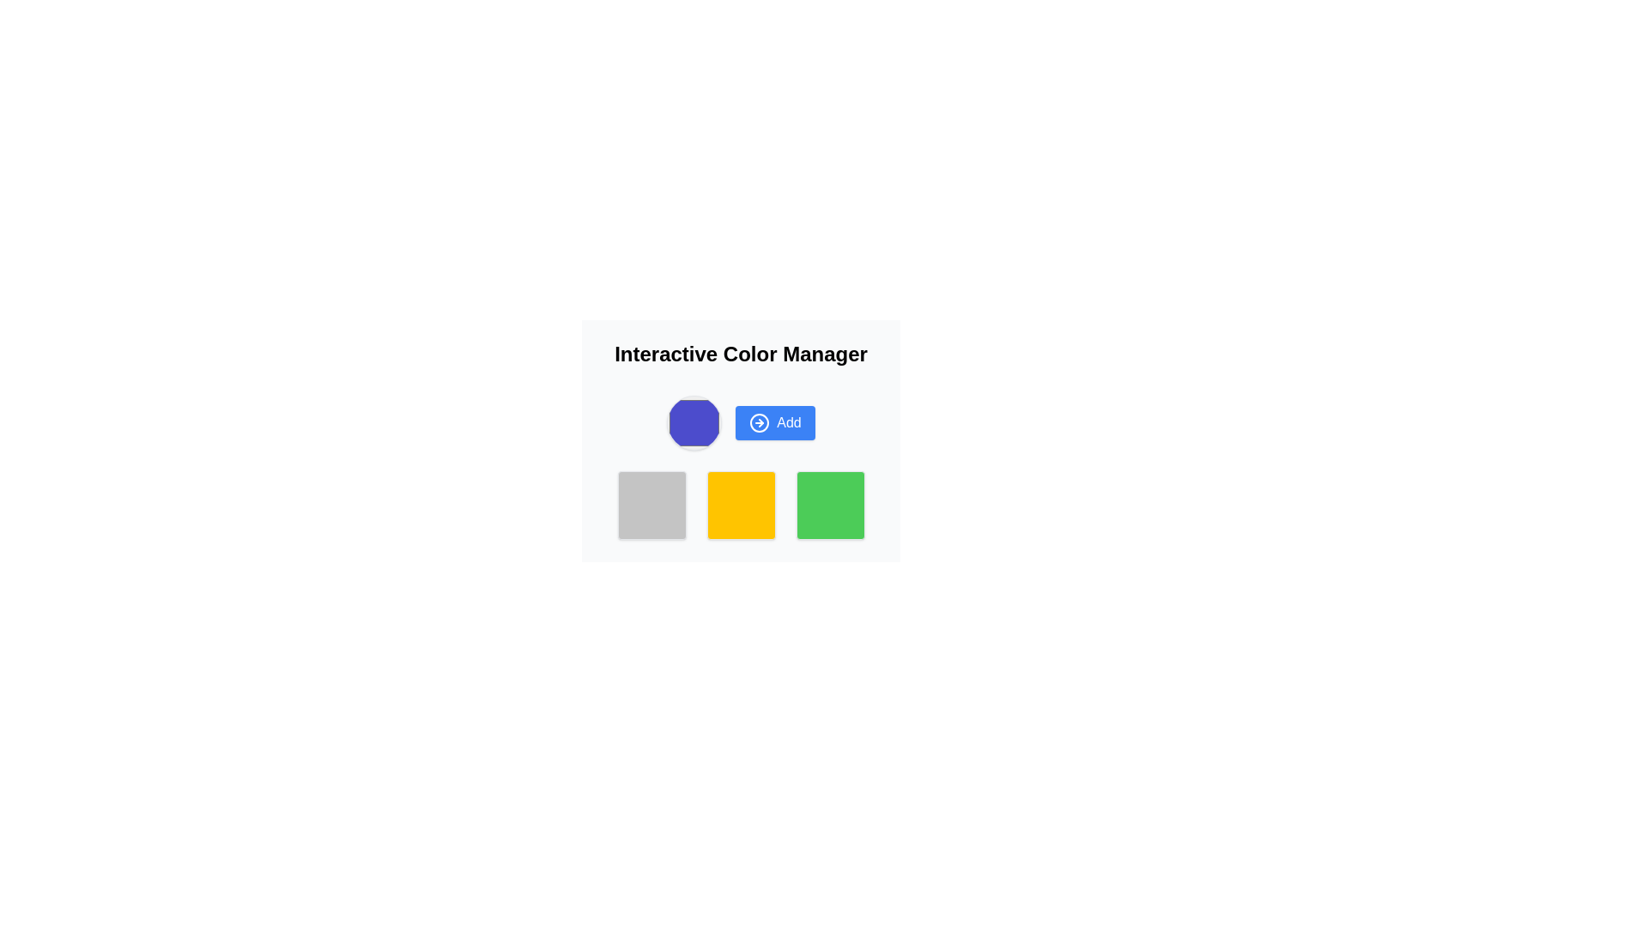 This screenshot has height=927, width=1648. What do you see at coordinates (774, 423) in the screenshot?
I see `the interactive 'add' button located to the right of the circular color indicator` at bounding box center [774, 423].